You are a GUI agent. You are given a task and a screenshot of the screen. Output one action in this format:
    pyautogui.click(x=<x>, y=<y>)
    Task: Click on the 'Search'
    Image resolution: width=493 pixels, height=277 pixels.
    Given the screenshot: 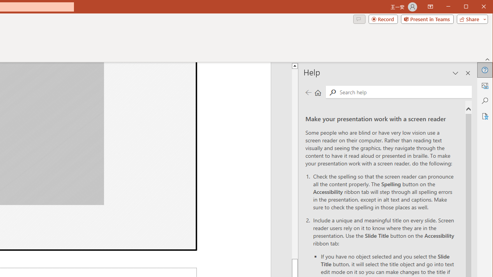 What is the action you would take?
    pyautogui.click(x=403, y=92)
    